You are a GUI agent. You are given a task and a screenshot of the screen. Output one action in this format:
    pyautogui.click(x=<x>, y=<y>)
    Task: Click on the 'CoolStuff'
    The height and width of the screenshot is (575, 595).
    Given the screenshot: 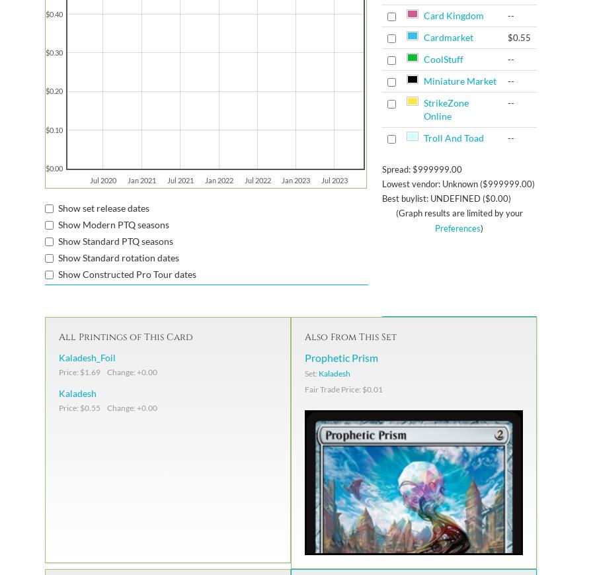 What is the action you would take?
    pyautogui.click(x=442, y=59)
    